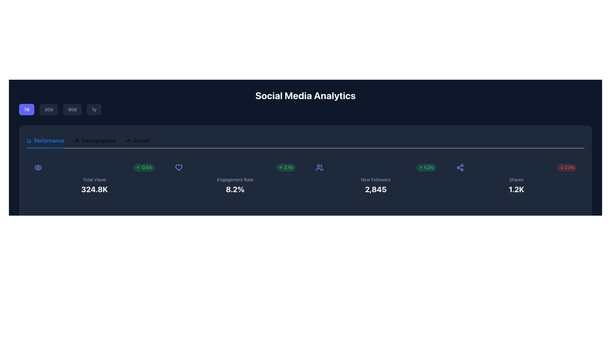  I want to click on the central tab labeled 'Demographics' in the navigation menu, so click(88, 140).